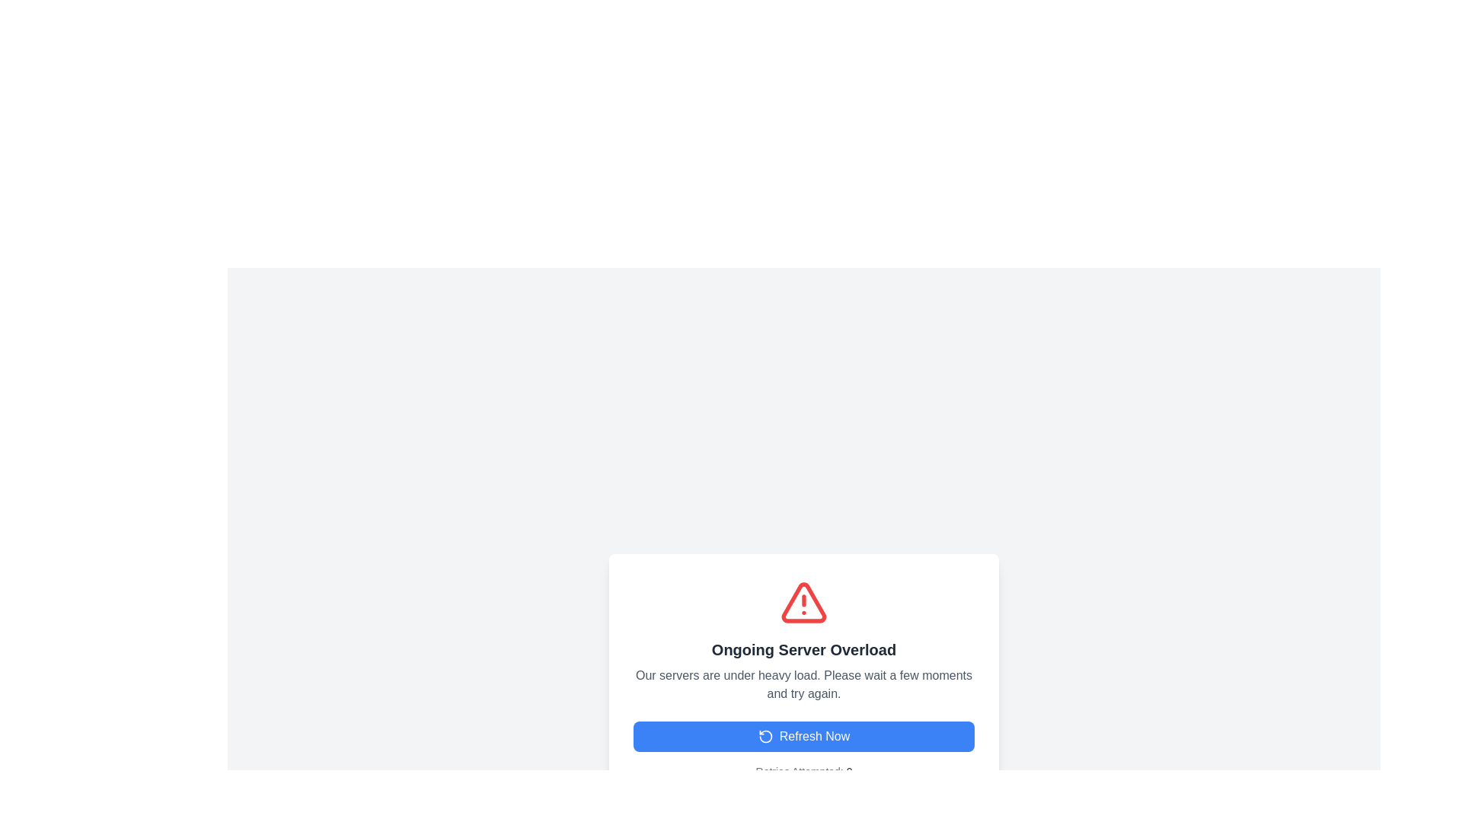 The width and height of the screenshot is (1462, 822). I want to click on the Text Label element displaying 'Retries Attempted: 0', which is located at the bottom of the modal window underneath the 'Refresh Now' button, so click(803, 772).